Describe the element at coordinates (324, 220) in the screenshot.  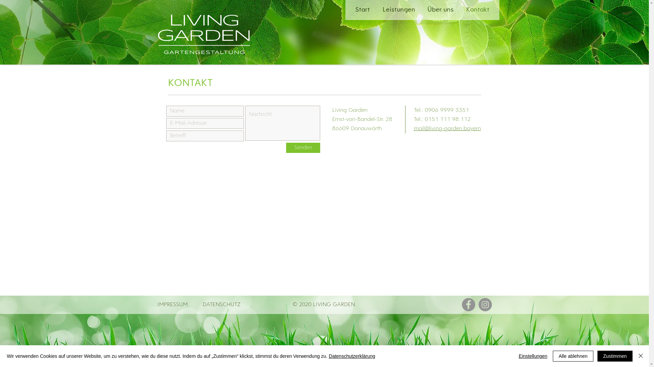
I see `'Google Maps'` at that location.